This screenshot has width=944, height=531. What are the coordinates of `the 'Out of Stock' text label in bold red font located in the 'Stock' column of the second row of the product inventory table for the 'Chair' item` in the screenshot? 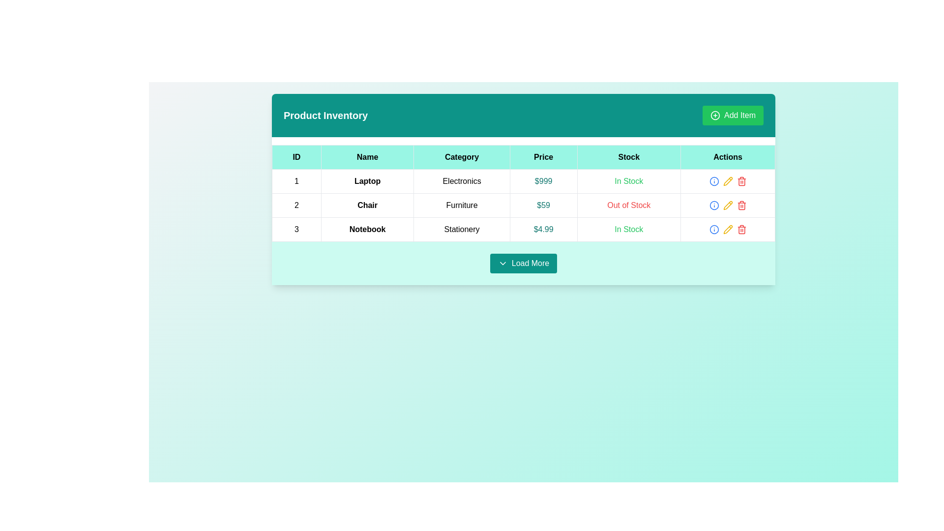 It's located at (628, 205).